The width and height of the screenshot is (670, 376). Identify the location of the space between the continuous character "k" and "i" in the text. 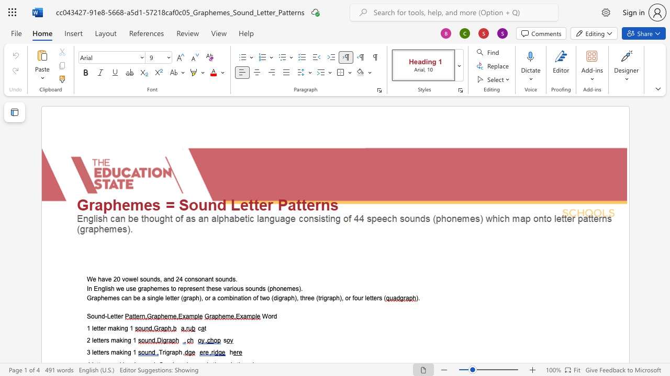
(119, 328).